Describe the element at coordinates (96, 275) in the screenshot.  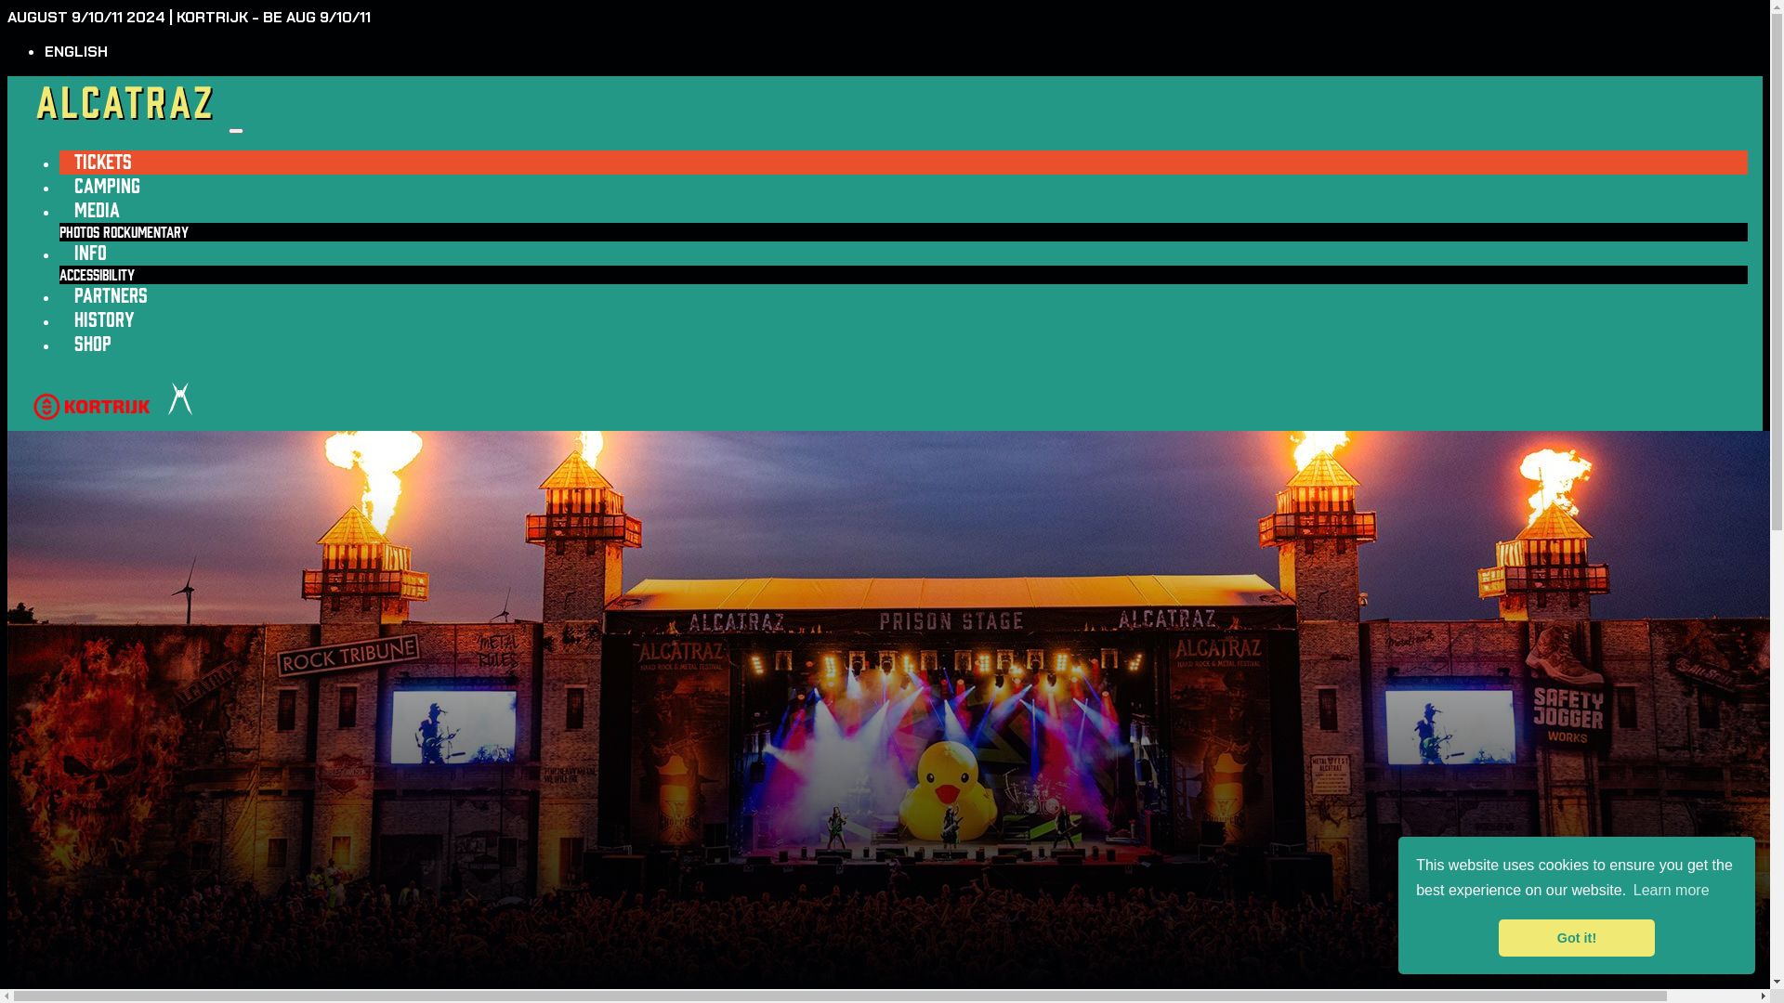
I see `'ACCESSIBILITY'` at that location.